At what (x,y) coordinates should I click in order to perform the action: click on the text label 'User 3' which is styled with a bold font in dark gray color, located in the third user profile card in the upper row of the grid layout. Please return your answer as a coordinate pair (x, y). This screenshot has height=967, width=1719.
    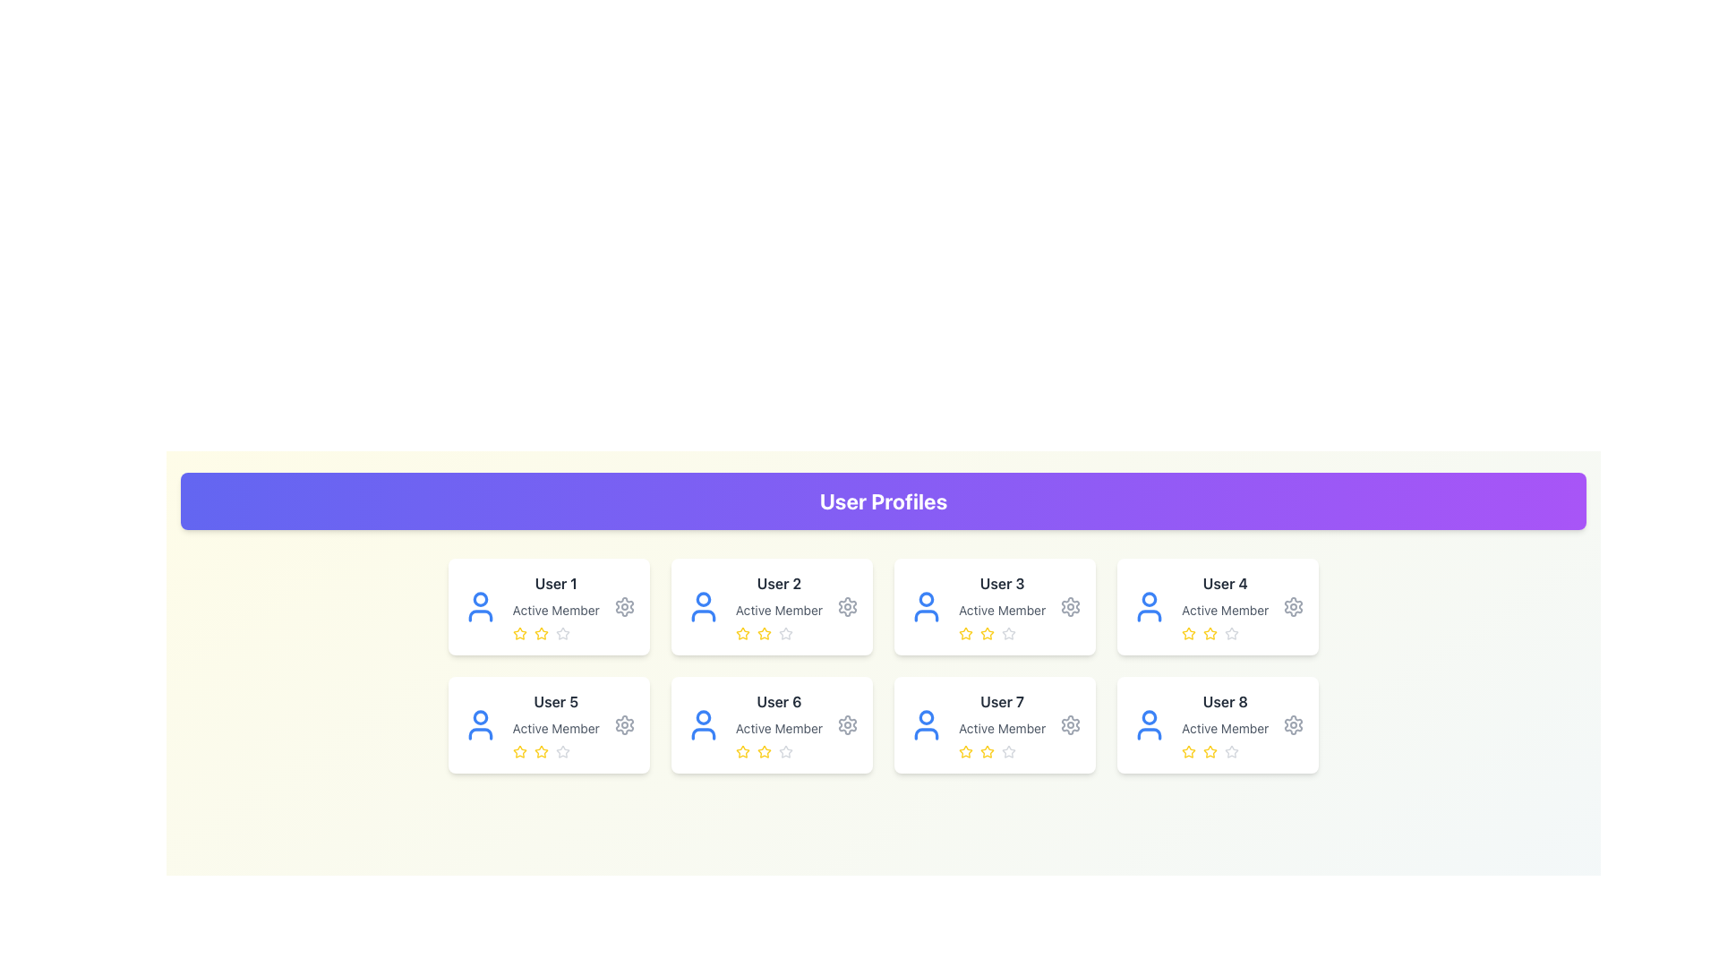
    Looking at the image, I should click on (1001, 583).